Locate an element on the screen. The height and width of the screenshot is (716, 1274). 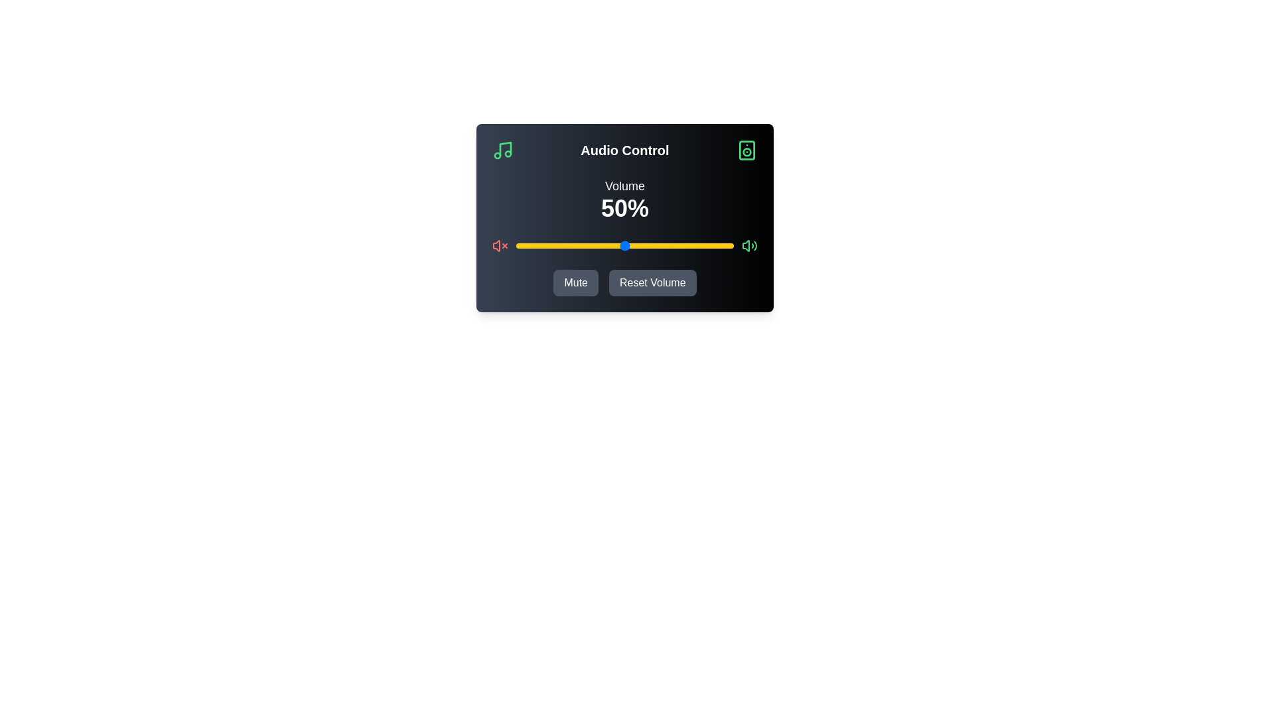
the volume to 74% by interacting with the slider is located at coordinates (677, 245).